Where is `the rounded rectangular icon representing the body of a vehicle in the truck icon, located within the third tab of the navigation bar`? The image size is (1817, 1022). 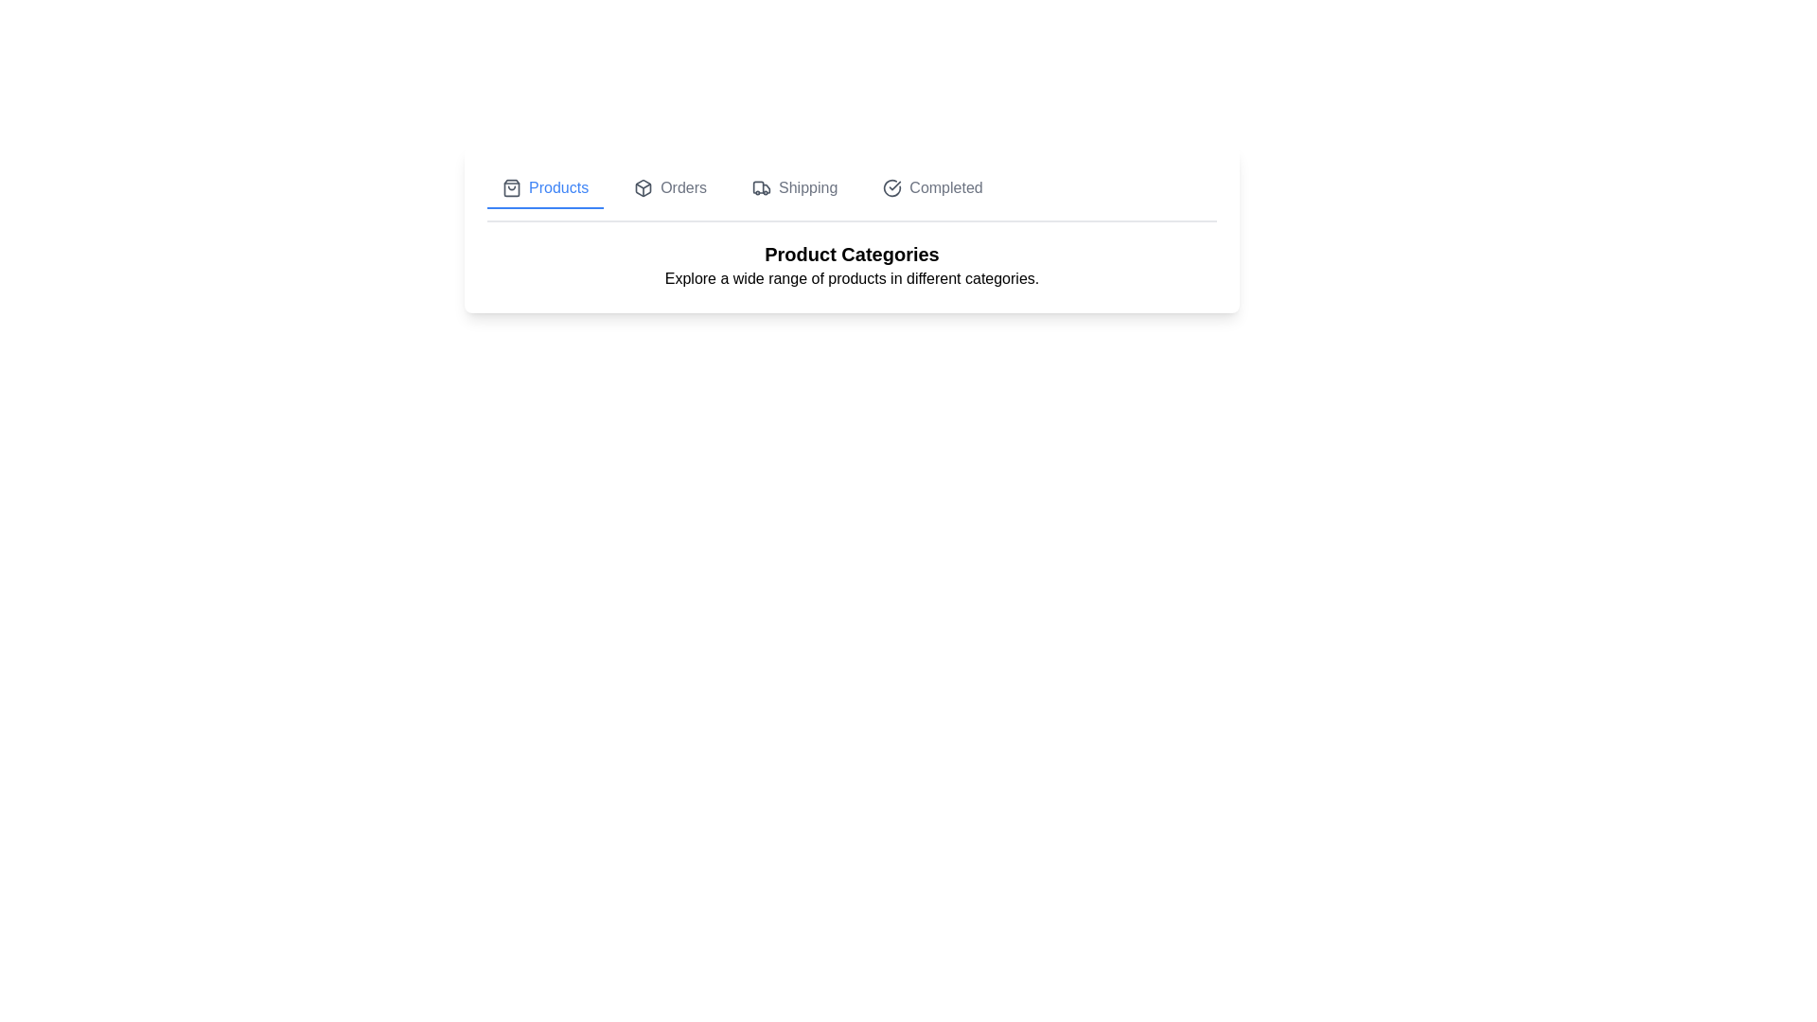
the rounded rectangular icon representing the body of a vehicle in the truck icon, located within the third tab of the navigation bar is located at coordinates (758, 187).